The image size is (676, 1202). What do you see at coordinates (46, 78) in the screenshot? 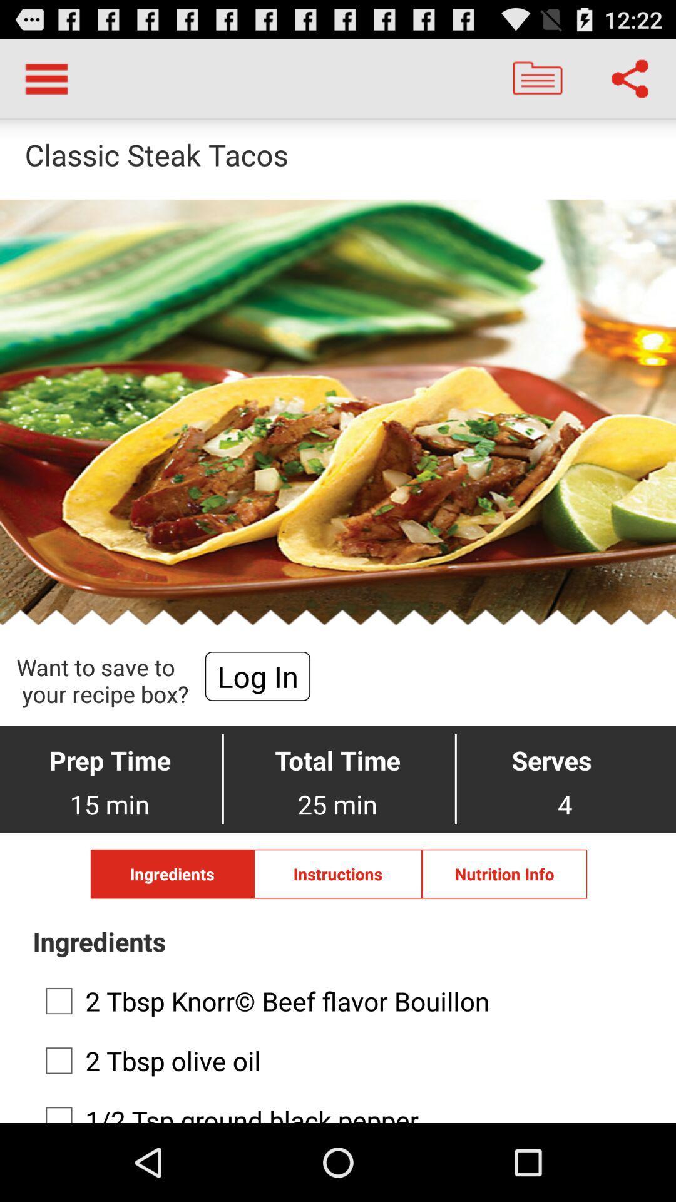
I see `the box on top left corner of the page` at bounding box center [46, 78].